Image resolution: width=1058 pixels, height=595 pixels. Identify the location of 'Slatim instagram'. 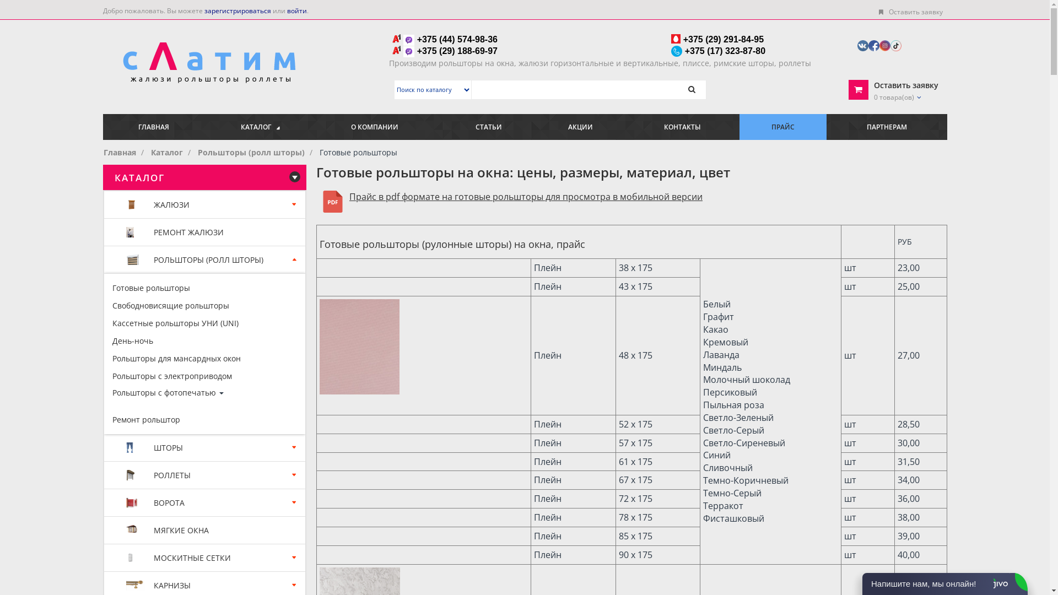
(885, 44).